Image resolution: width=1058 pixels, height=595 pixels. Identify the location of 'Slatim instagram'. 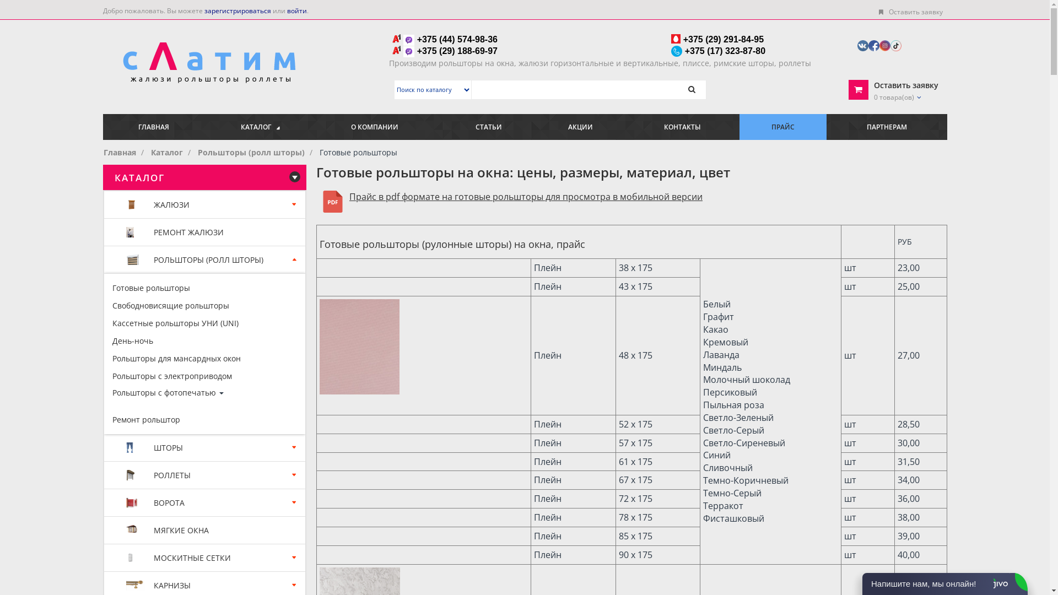
(885, 44).